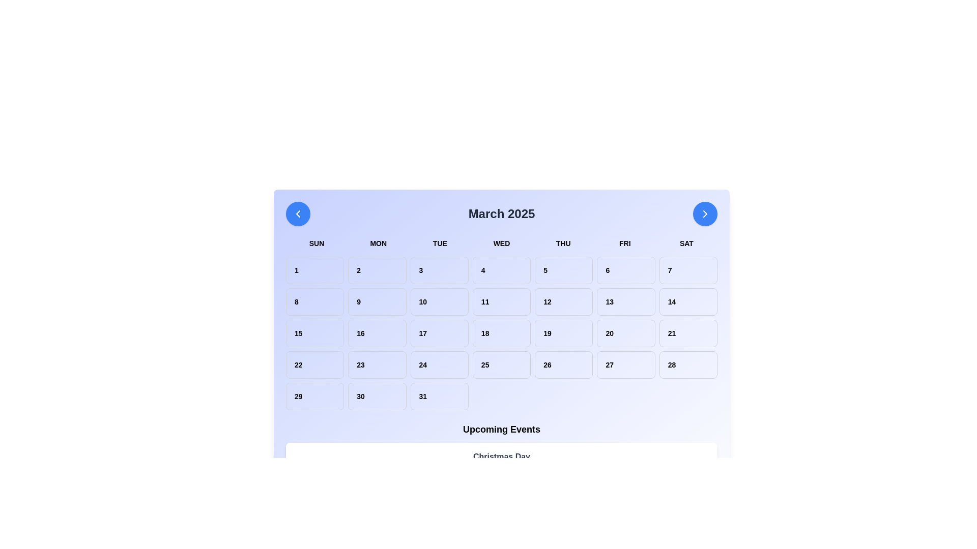  Describe the element at coordinates (688, 364) in the screenshot. I see `the text value of the date label '28' in the calendar, located in the bottom-right corner of the grid under the 'Saturday' header` at that location.